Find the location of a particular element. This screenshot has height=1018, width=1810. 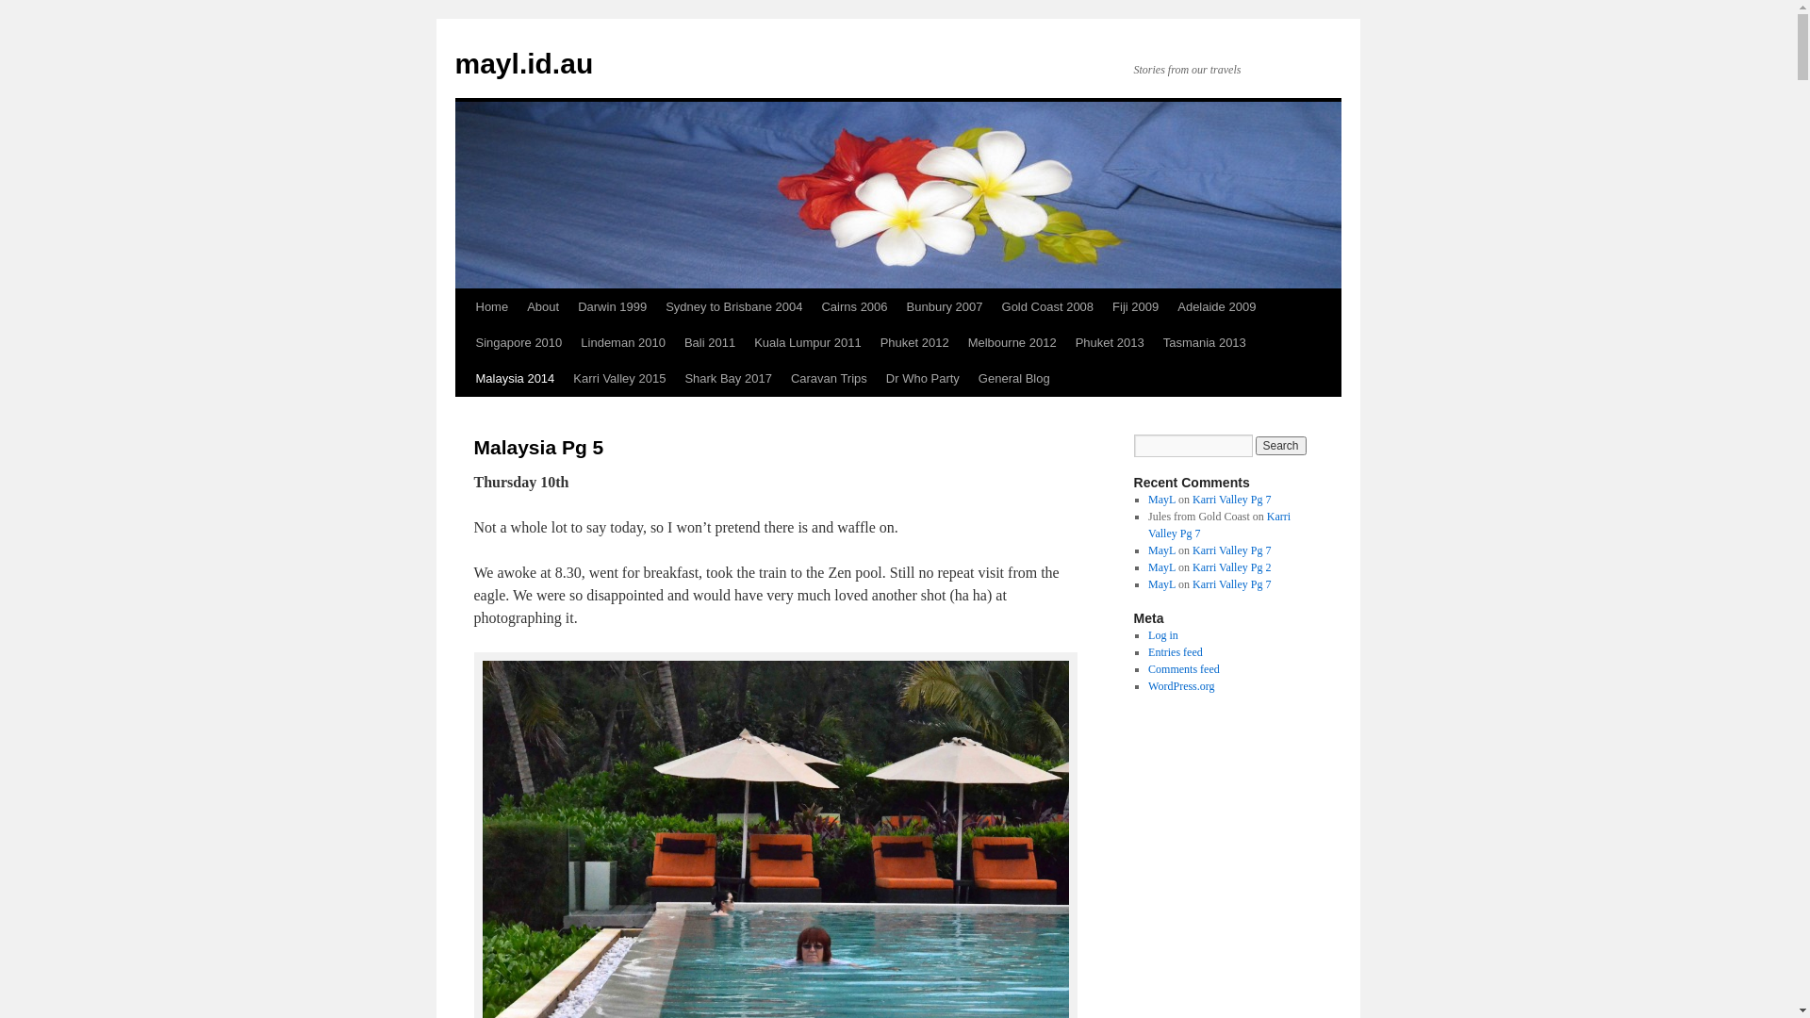

'Home' is located at coordinates (491, 306).